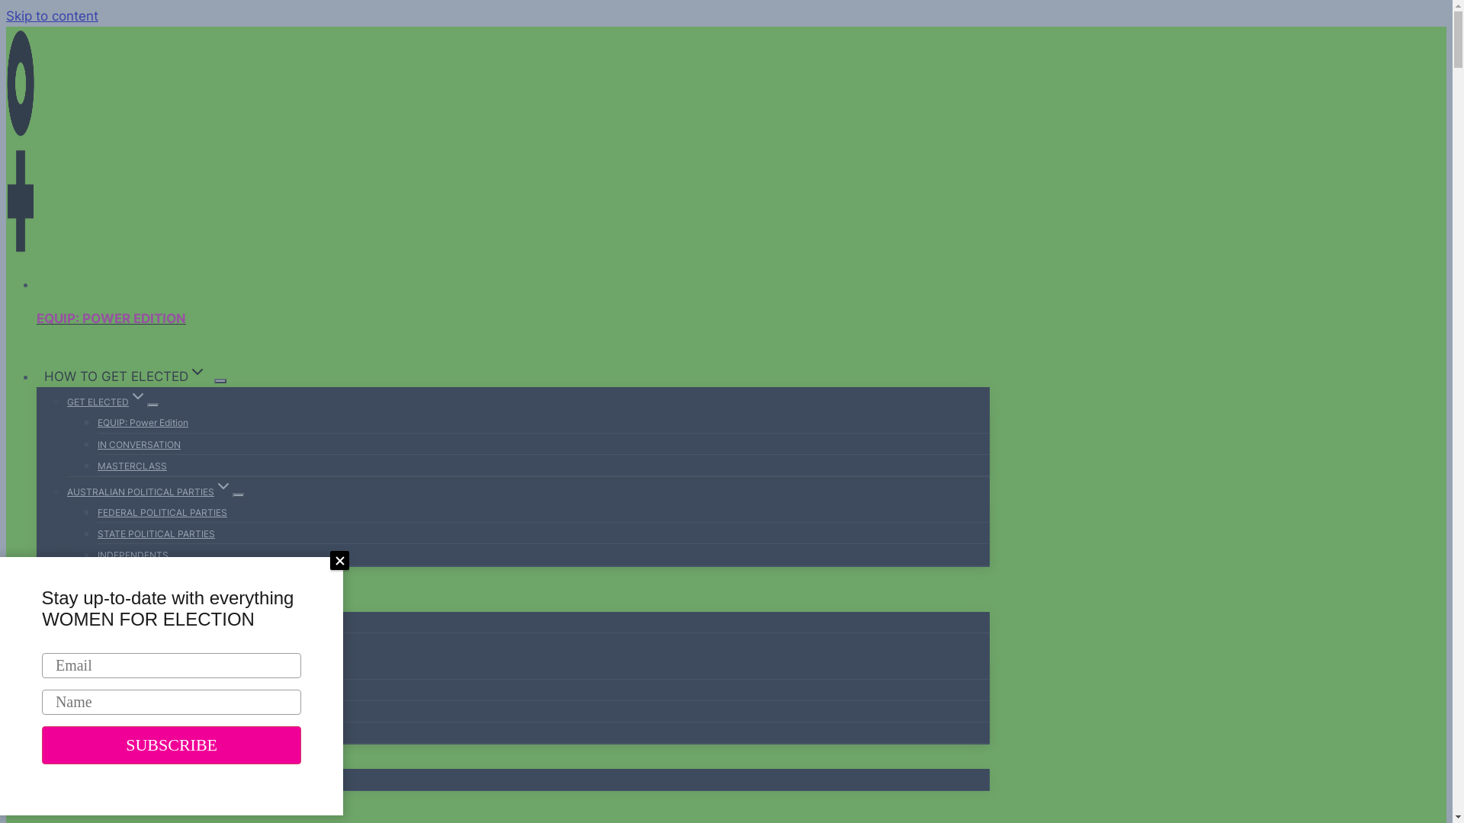 This screenshot has height=823, width=1464. Describe the element at coordinates (69, 576) in the screenshot. I see `'EVENTS'` at that location.